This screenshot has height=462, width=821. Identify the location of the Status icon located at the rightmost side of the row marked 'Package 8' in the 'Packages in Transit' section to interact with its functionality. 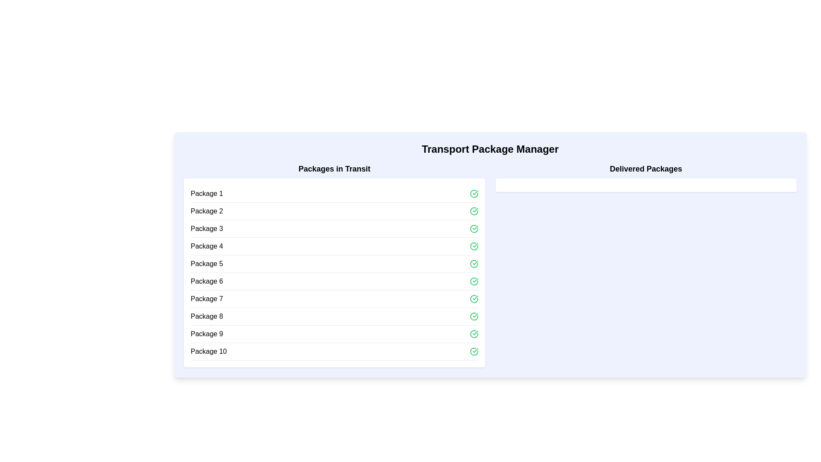
(473, 317).